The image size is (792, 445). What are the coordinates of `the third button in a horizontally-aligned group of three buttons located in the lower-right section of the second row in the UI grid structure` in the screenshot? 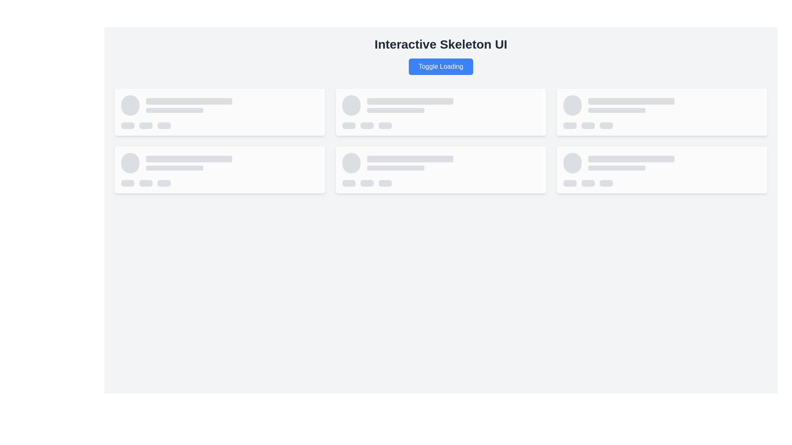 It's located at (385, 183).